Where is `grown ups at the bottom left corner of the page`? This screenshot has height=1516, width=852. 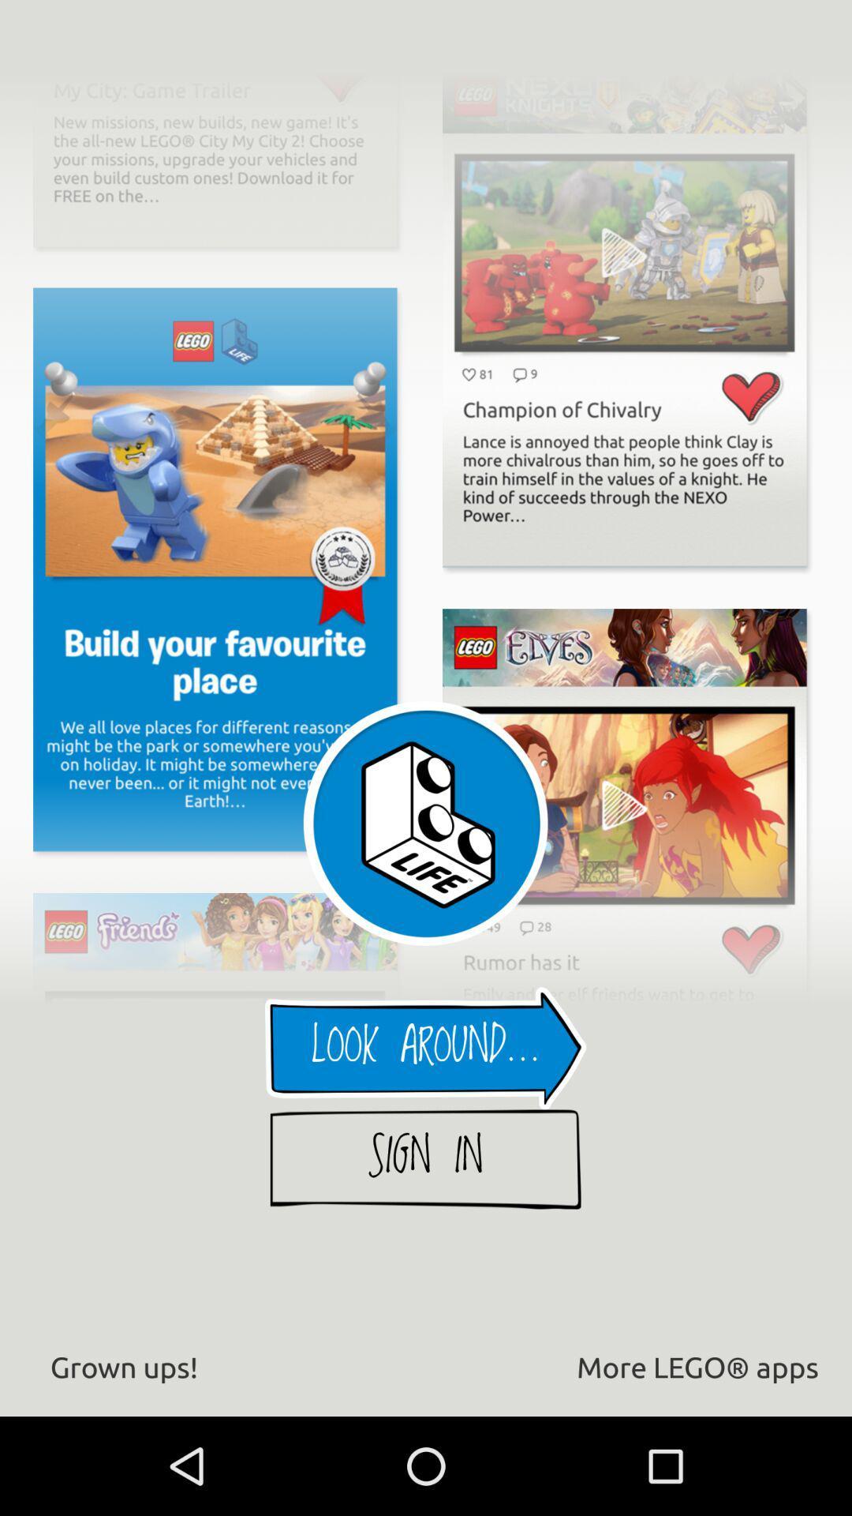
grown ups at the bottom left corner of the page is located at coordinates (123, 1366).